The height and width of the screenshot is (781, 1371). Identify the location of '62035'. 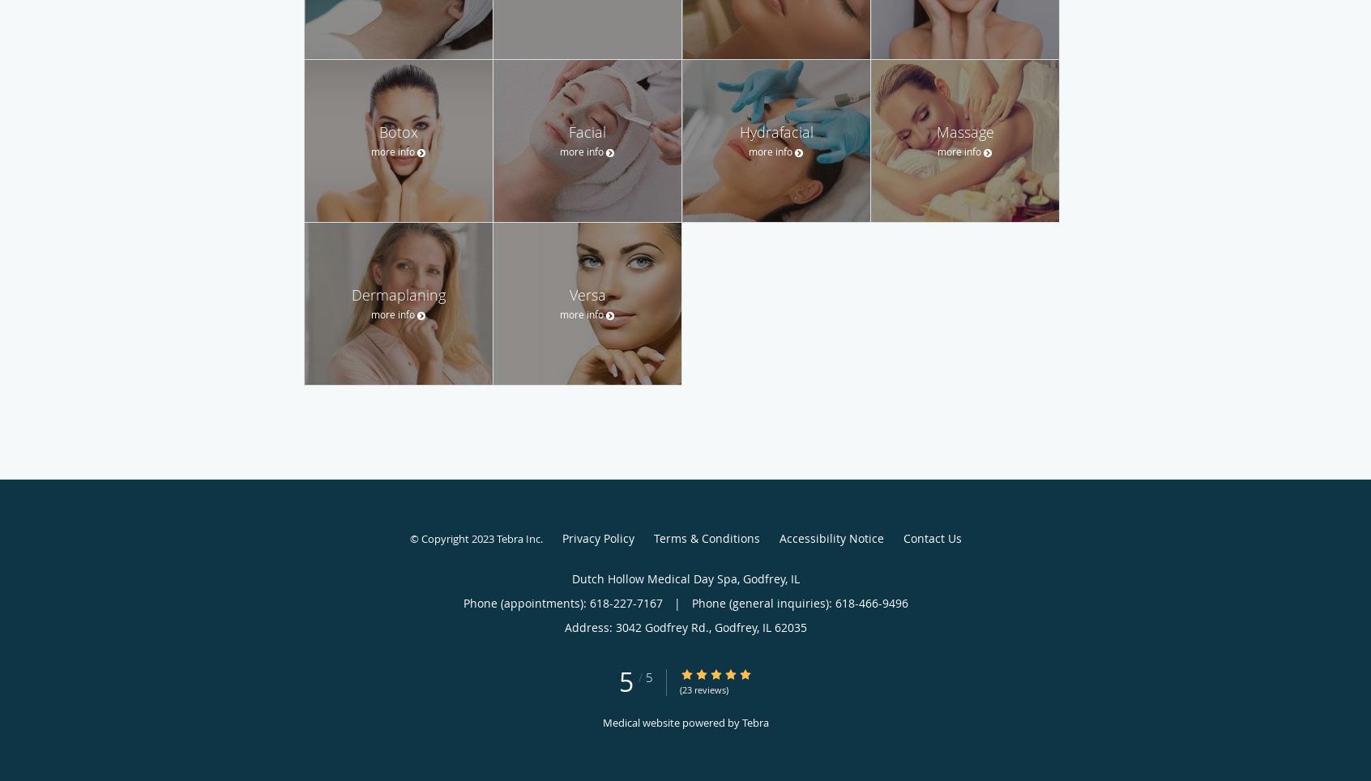
(789, 627).